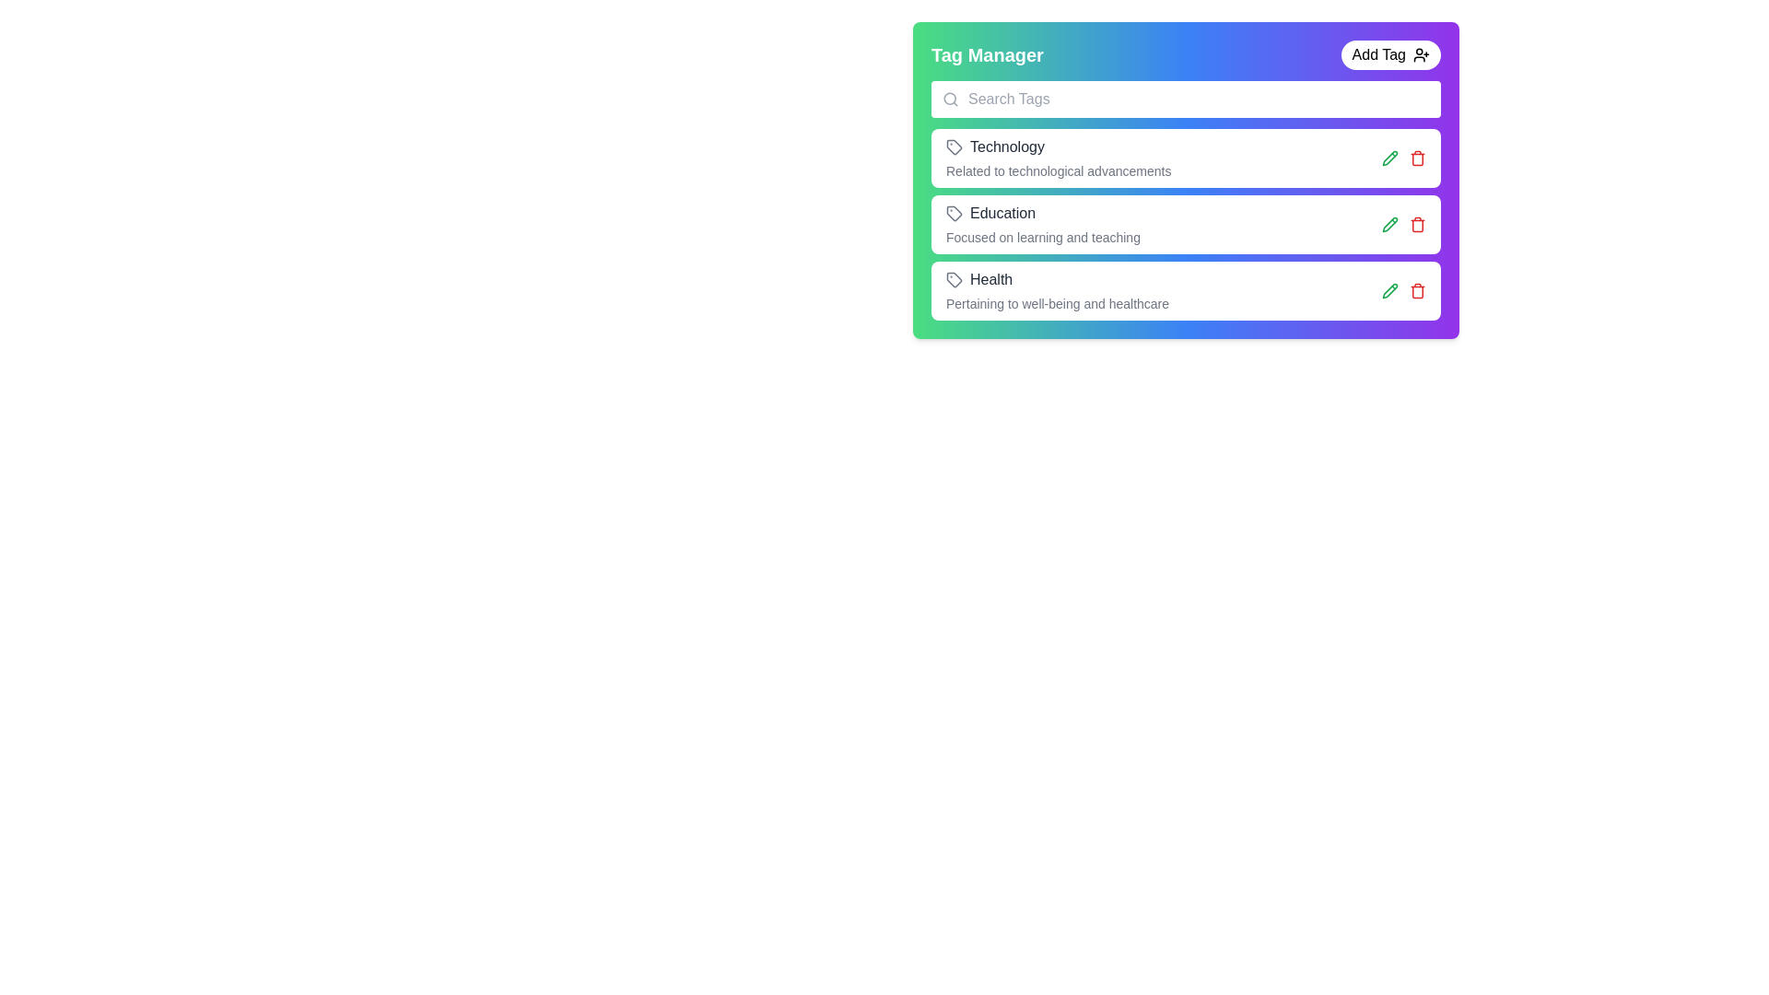  What do you see at coordinates (1059, 170) in the screenshot?
I see `the static informational text reading 'Related to technological advancements', which is styled in small, gray-colored font and located beneath the word 'Technology'` at bounding box center [1059, 170].